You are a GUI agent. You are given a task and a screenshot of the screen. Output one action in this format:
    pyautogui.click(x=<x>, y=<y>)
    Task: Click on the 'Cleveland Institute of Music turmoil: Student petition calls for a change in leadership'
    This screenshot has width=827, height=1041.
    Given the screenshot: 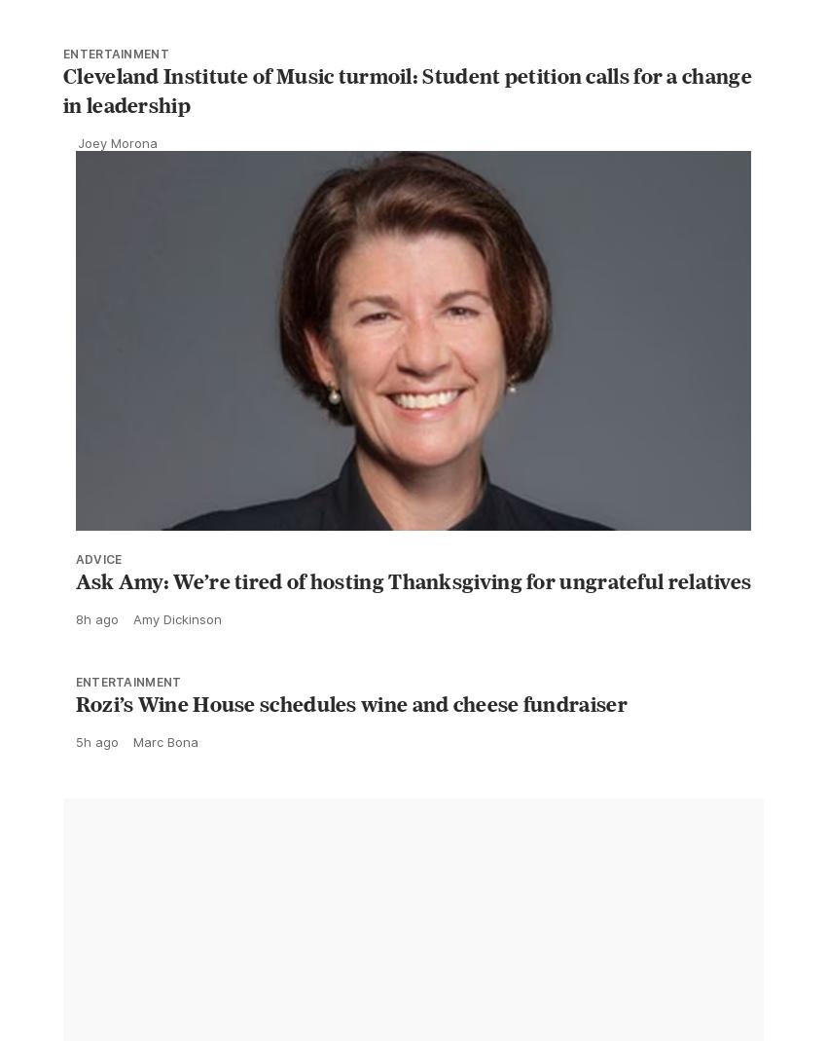 What is the action you would take?
    pyautogui.click(x=407, y=133)
    